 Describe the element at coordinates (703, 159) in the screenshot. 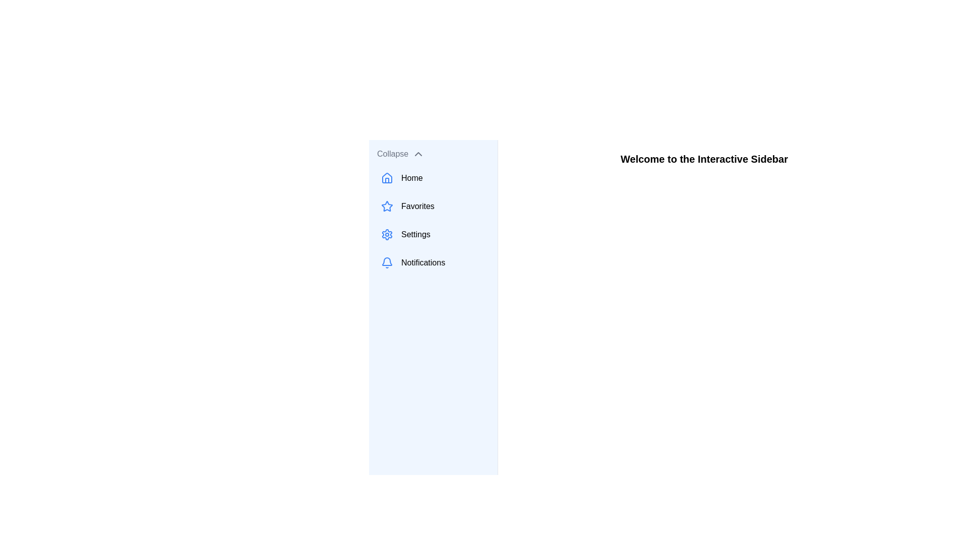

I see `the prominently styled title or heading located near the top-right section of the main content area` at that location.